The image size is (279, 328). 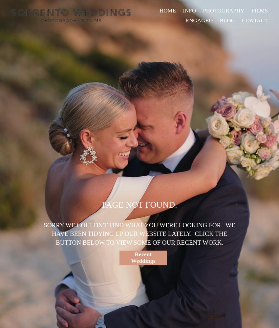 I want to click on 'REVIEWS', so click(x=183, y=38).